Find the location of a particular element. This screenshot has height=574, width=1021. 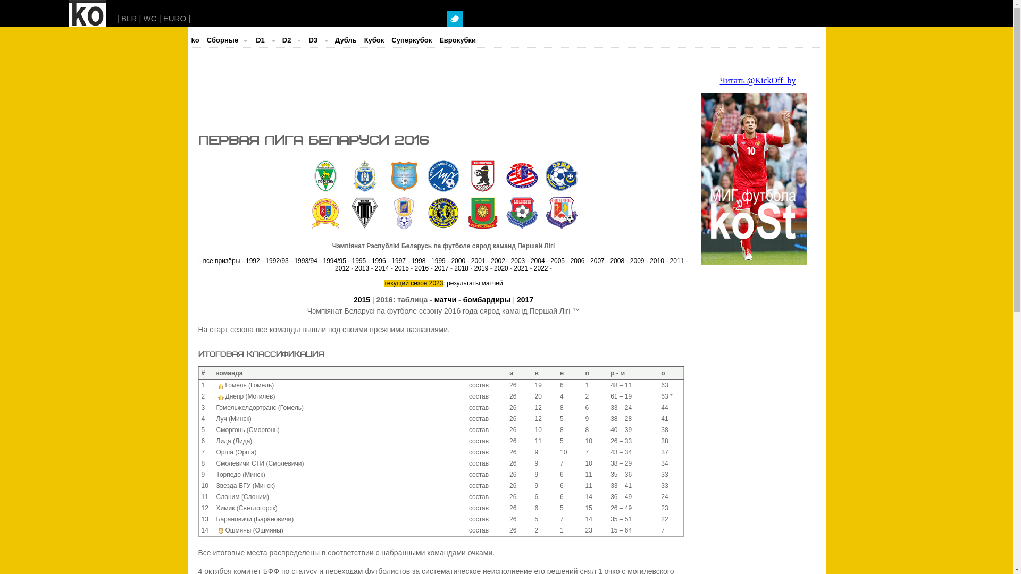

'2013' is located at coordinates (355, 268).